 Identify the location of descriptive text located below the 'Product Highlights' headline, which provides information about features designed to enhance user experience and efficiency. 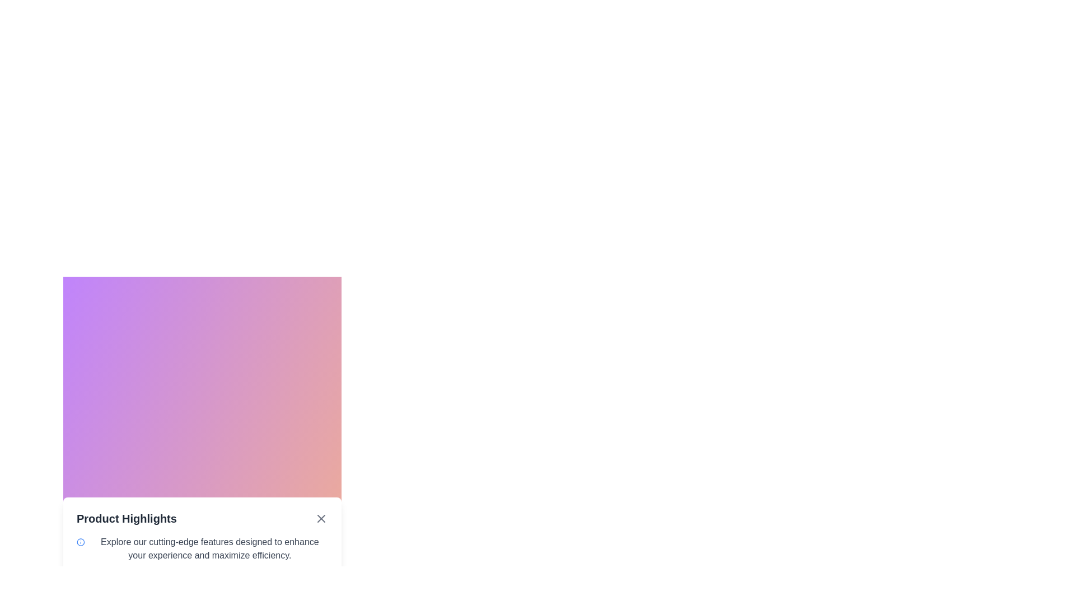
(209, 548).